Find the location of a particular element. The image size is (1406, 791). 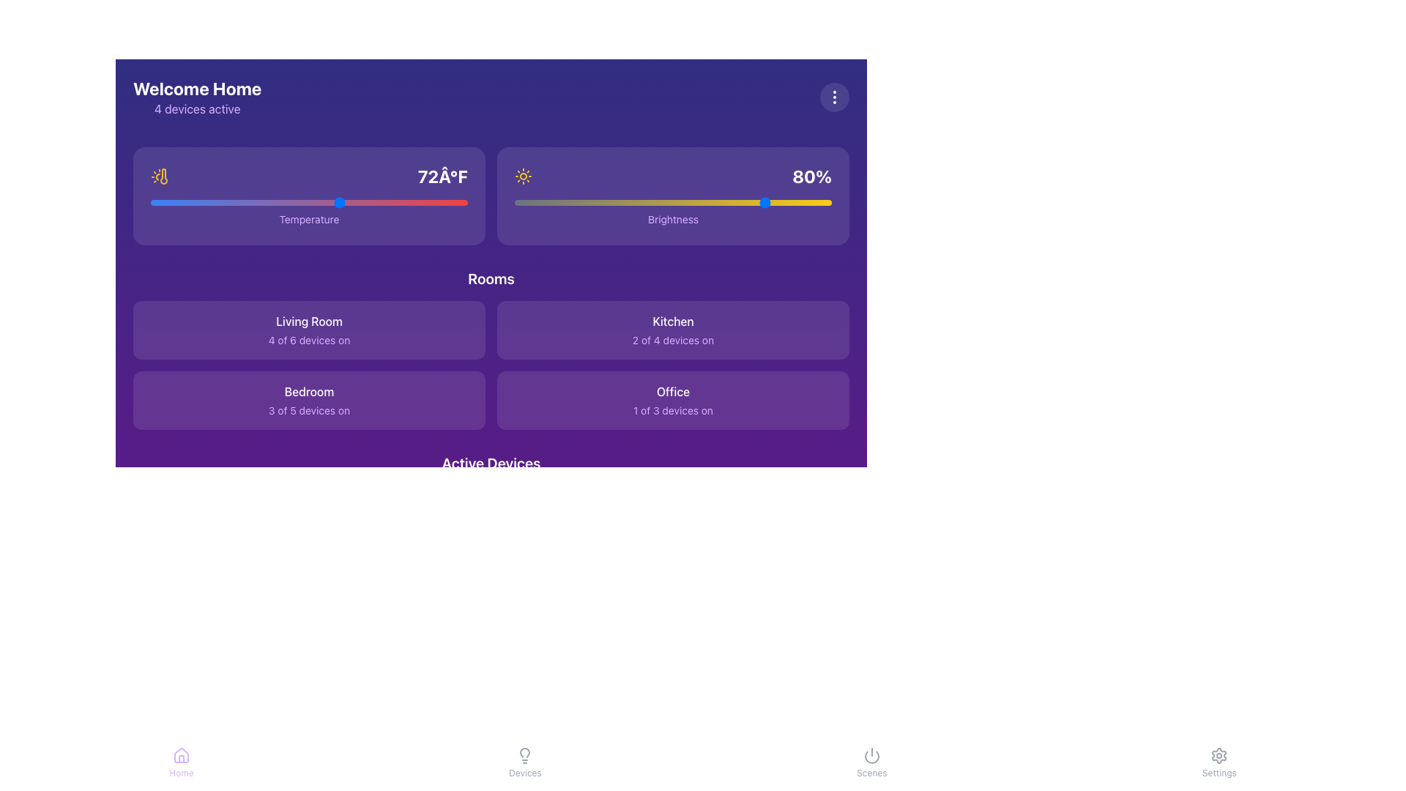

the text label displaying '4 devices active' in purple, located below 'Welcome Home' is located at coordinates (196, 108).